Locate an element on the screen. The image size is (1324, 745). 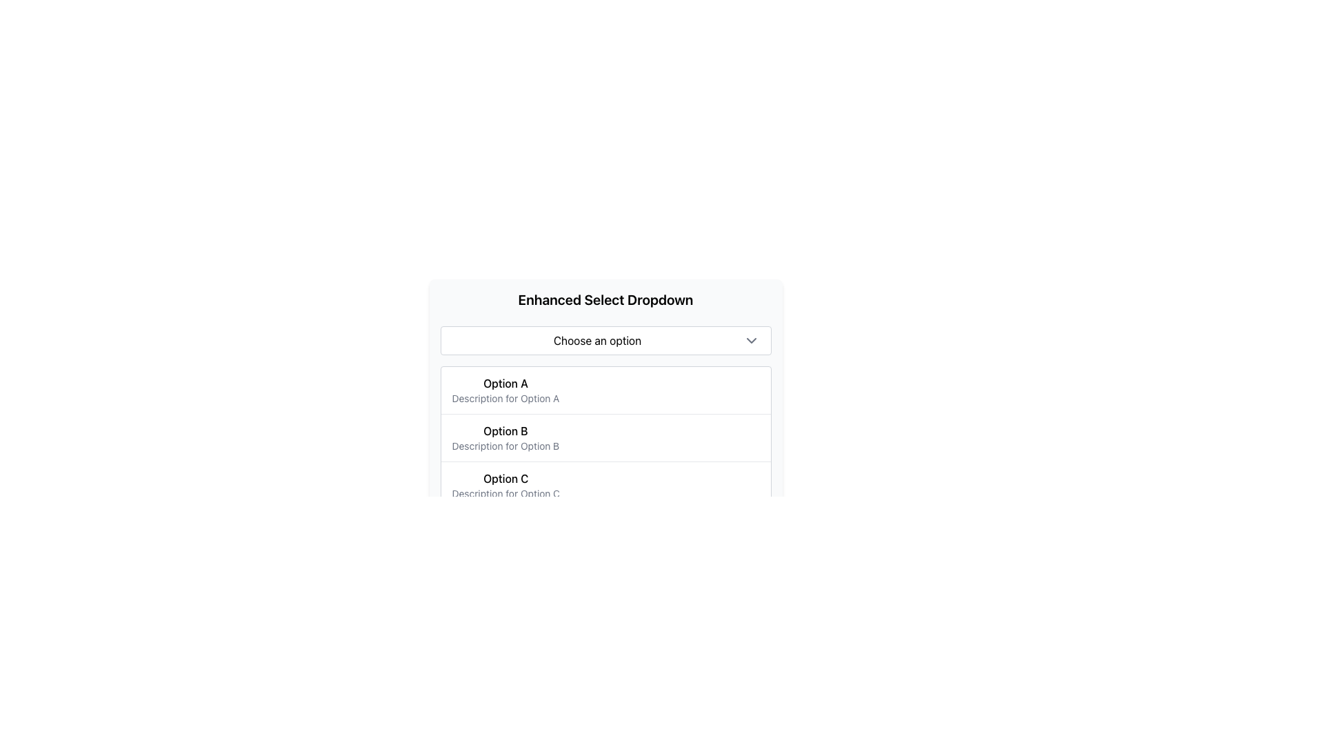
the white rectangular dropdown menu labeled 'Choose an option' with a downward-facing chevron icon is located at coordinates (605, 340).